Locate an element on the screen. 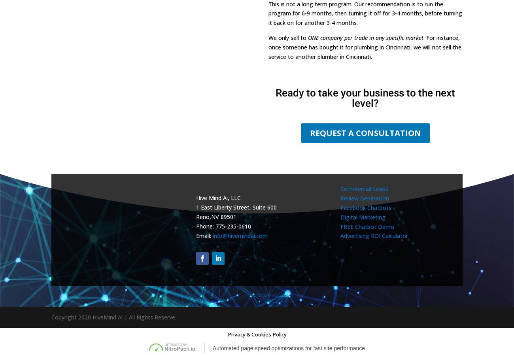 The image size is (514, 355). 'Phone:' is located at coordinates (205, 225).